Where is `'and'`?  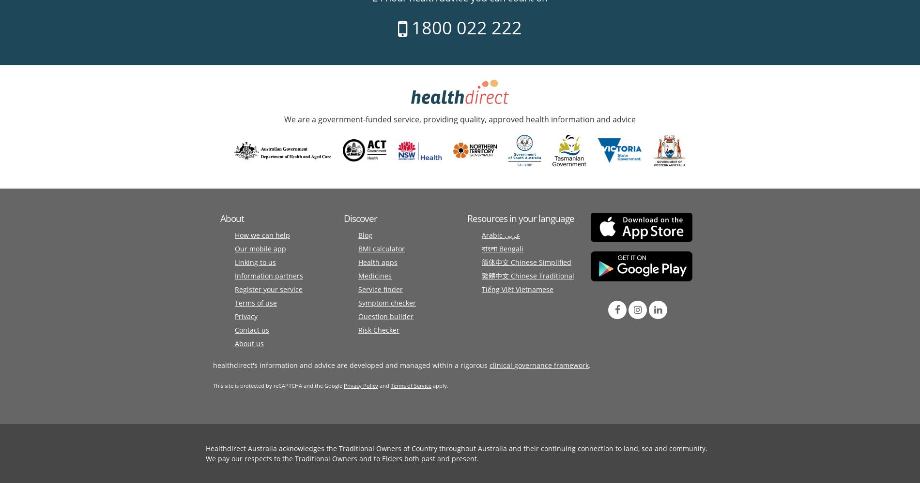
'and' is located at coordinates (384, 385).